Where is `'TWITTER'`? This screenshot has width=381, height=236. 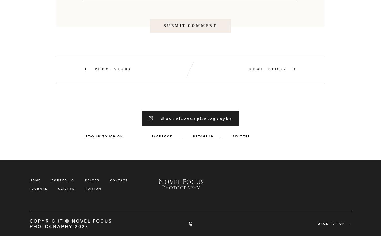 'TWITTER' is located at coordinates (241, 160).